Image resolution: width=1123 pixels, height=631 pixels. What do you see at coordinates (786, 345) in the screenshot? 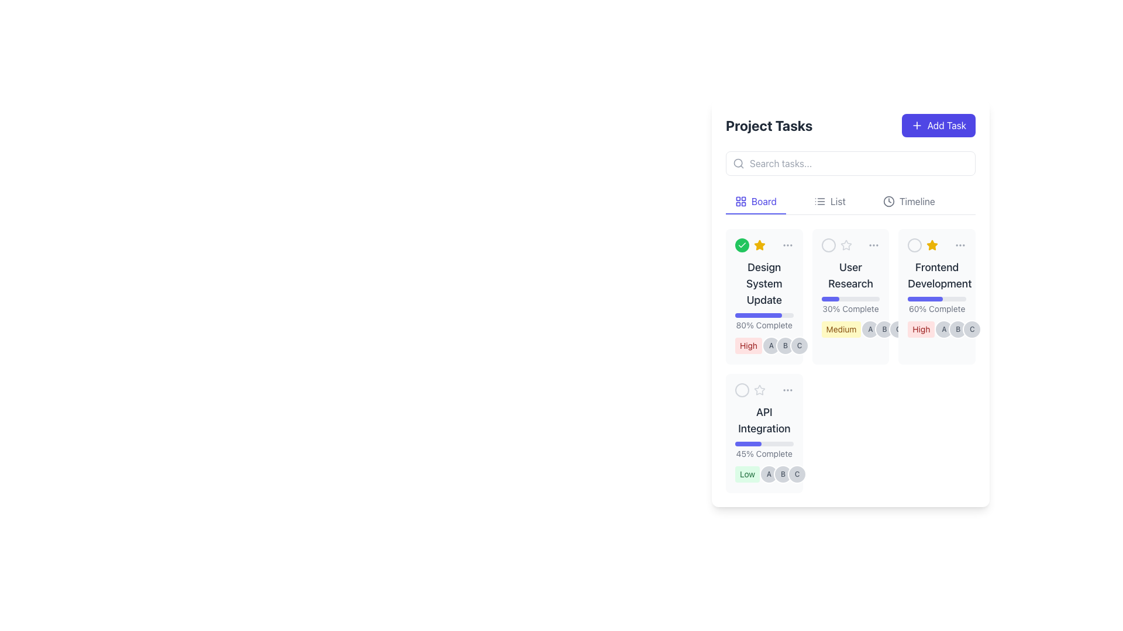
I see `the circular badge representing 'B' in the lower-left area of the 'Design System Update' task card` at bounding box center [786, 345].